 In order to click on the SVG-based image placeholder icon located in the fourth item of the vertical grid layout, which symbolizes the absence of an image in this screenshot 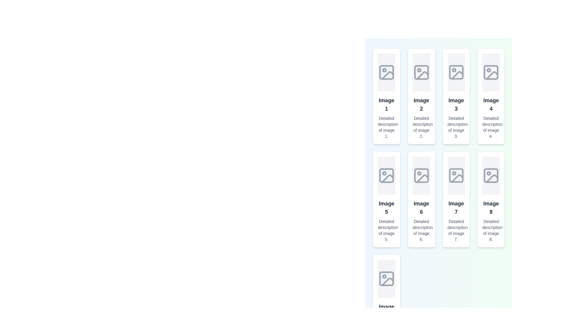, I will do `click(491, 72)`.